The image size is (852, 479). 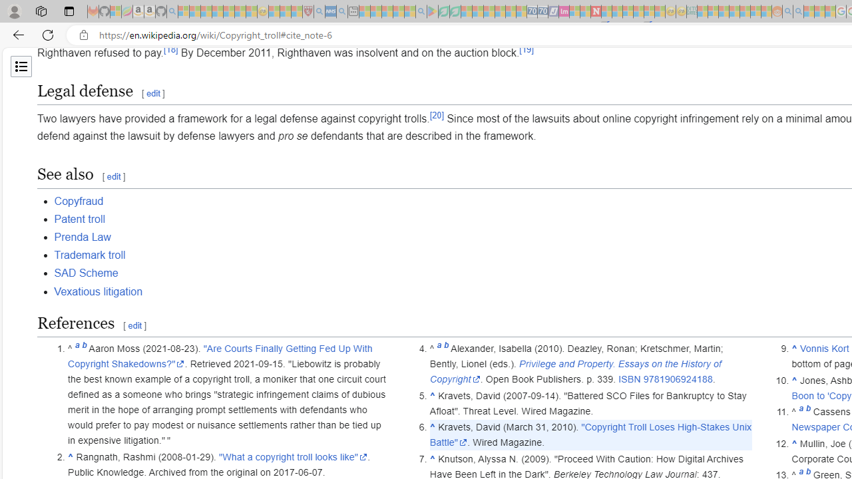 I want to click on 'Prenda Law', so click(x=81, y=236).